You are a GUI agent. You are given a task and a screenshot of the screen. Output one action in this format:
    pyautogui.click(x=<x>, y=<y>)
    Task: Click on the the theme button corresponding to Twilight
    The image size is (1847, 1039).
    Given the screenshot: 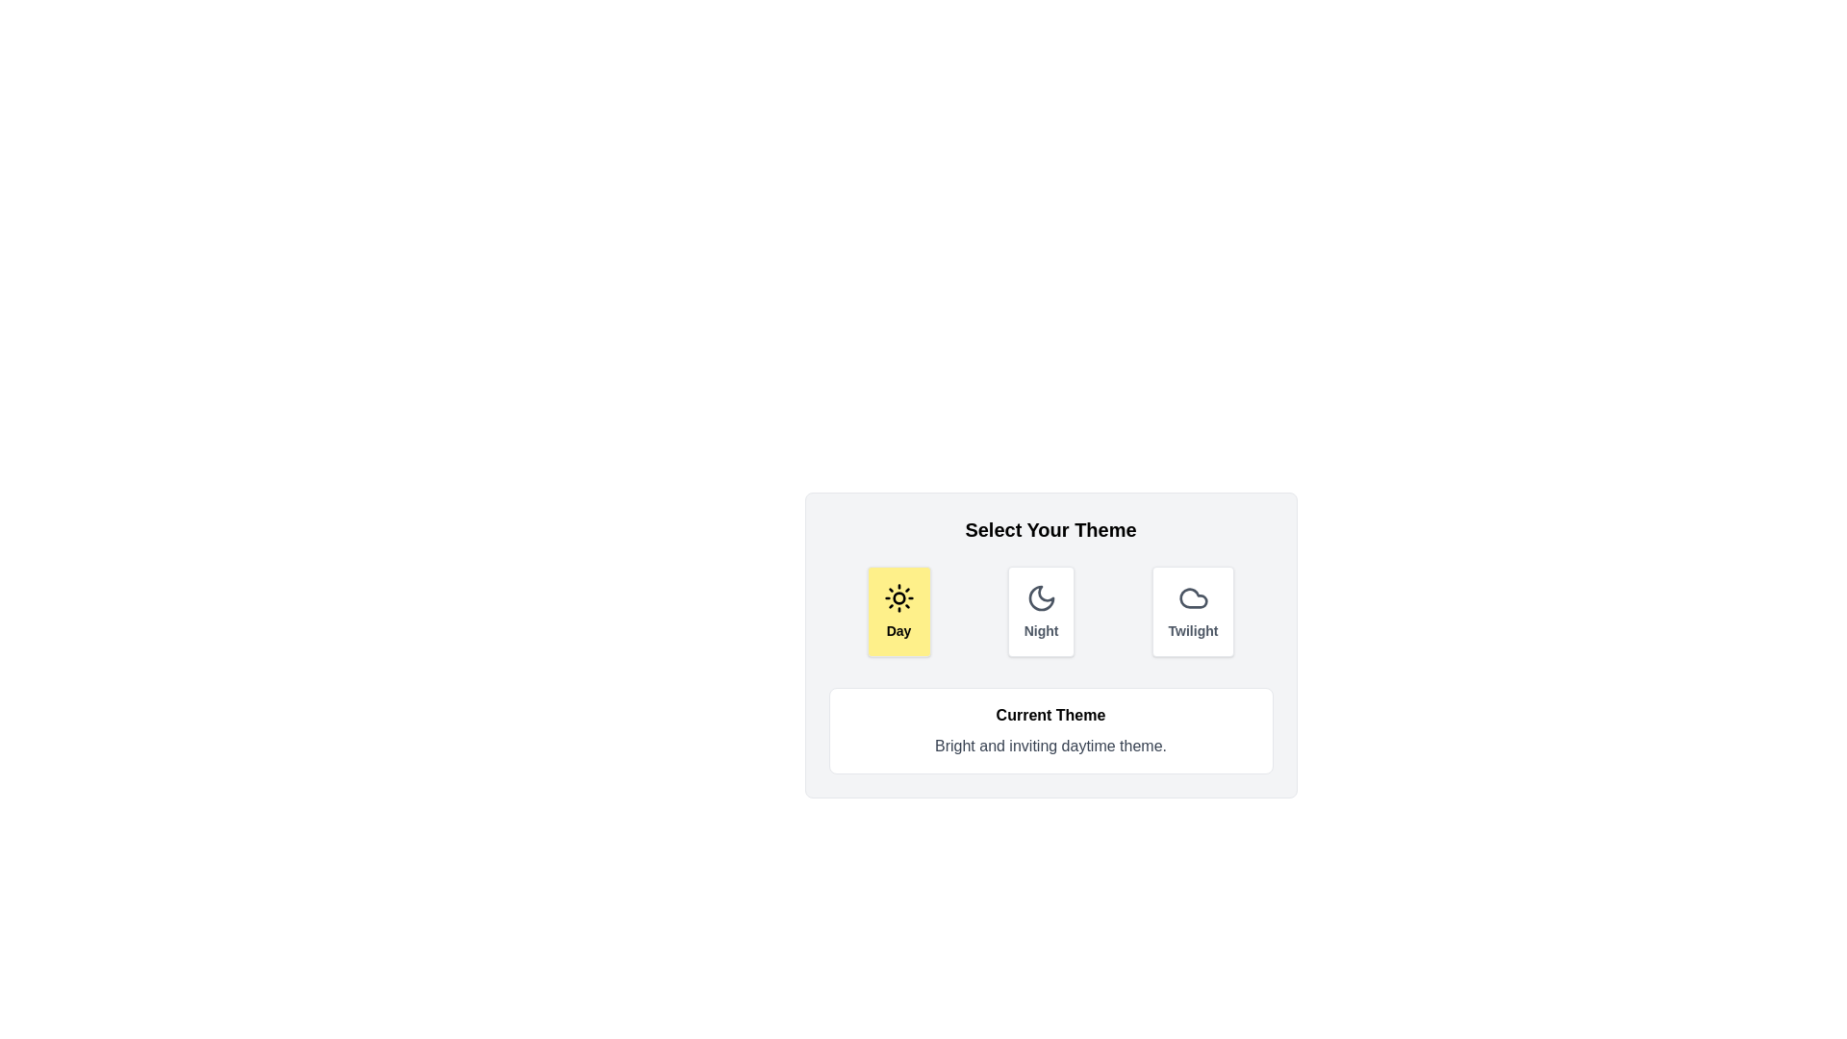 What is the action you would take?
    pyautogui.click(x=1192, y=612)
    